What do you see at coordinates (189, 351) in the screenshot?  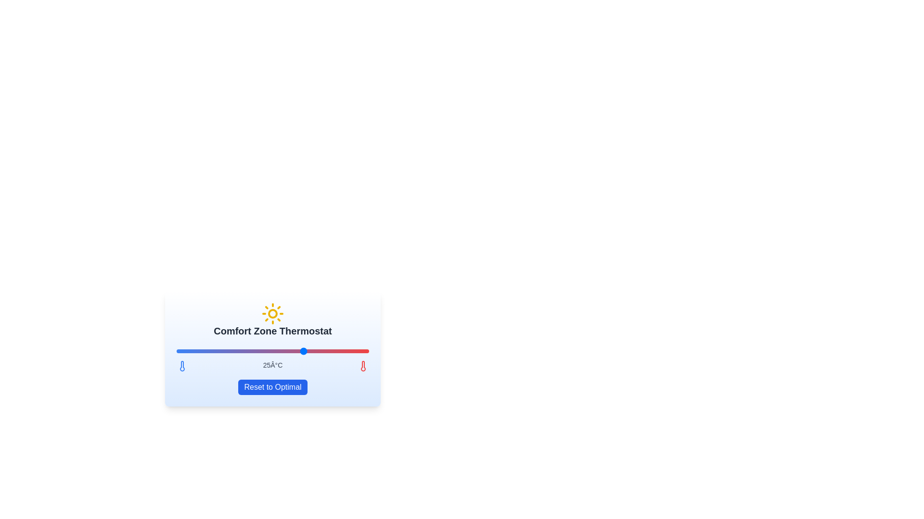 I see `the temperature slider to set the temperature to 16°C` at bounding box center [189, 351].